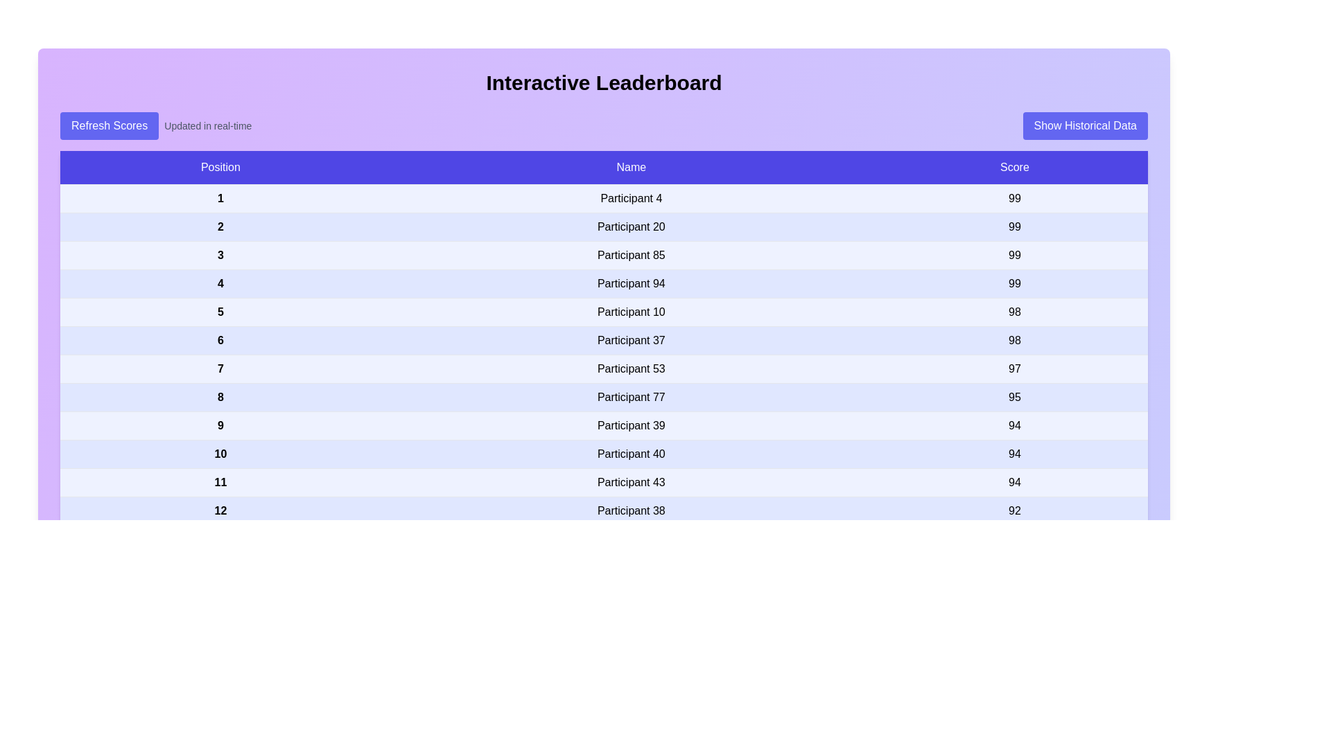 The height and width of the screenshot is (748, 1331). Describe the element at coordinates (109, 125) in the screenshot. I see `the 'Refresh Scores' button to reload the leaderboard's scores` at that location.